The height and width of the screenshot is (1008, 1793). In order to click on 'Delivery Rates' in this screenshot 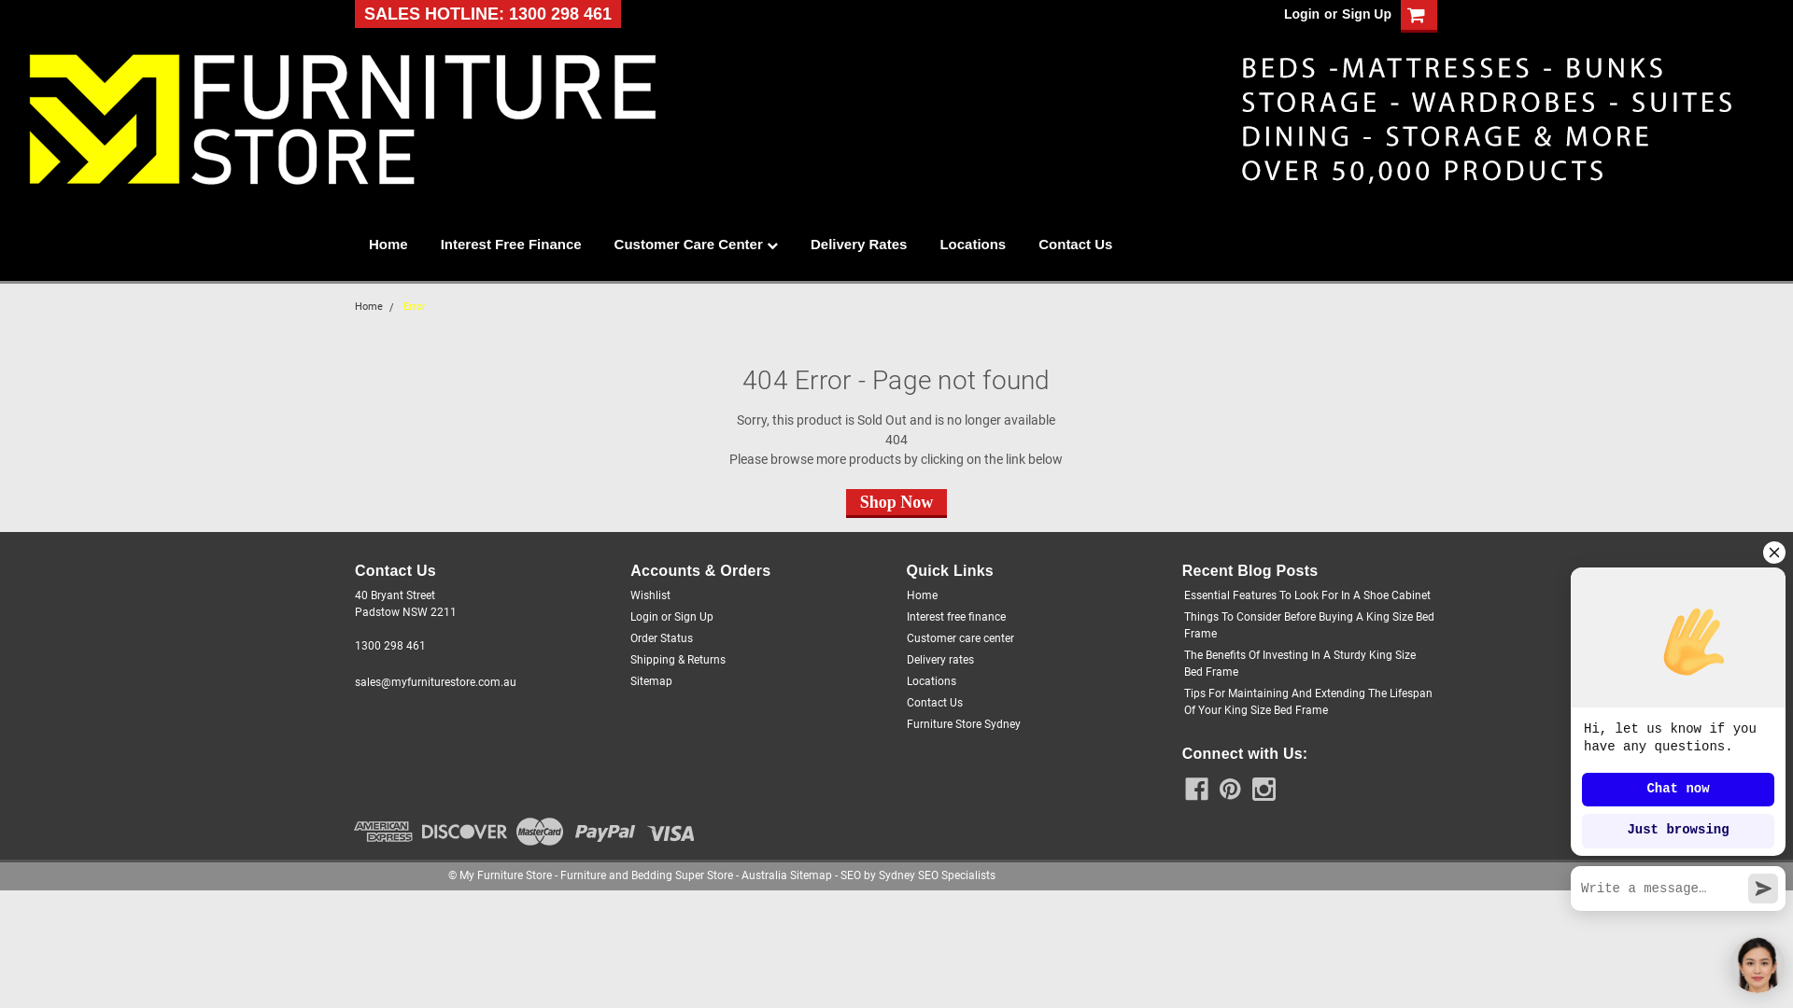, I will do `click(873, 244)`.